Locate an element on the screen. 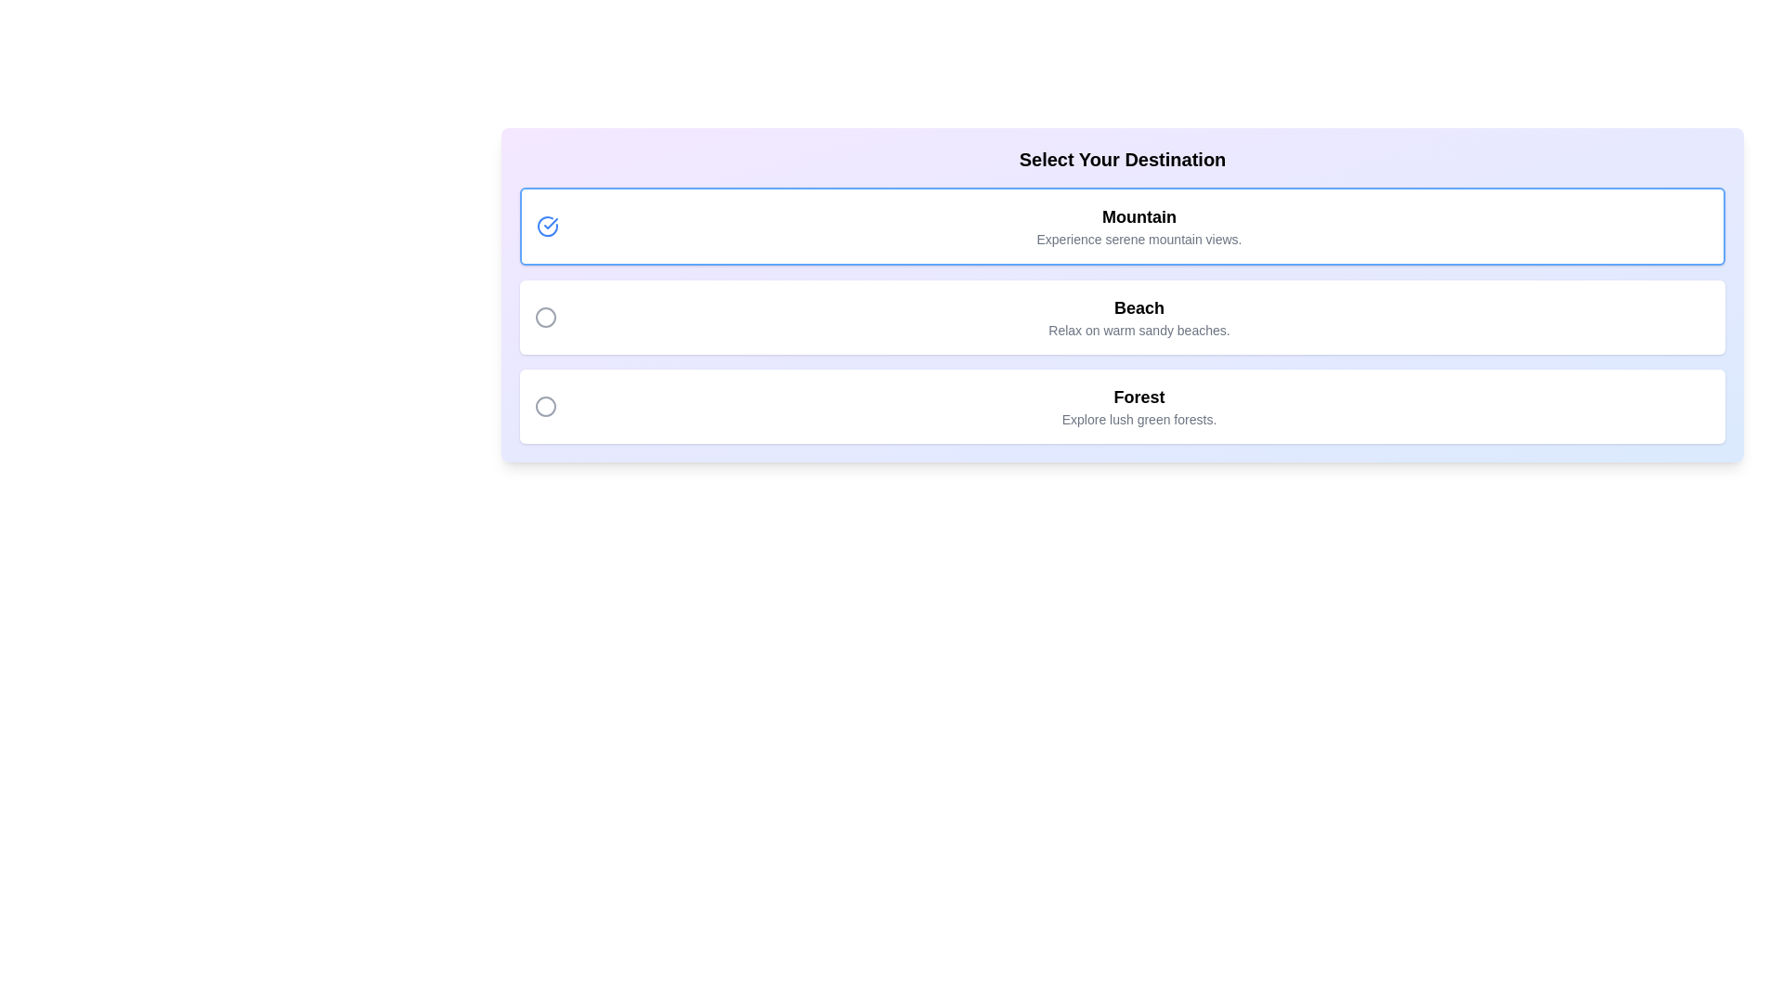  the Text Label displaying 'Explore lush green forests.' which is positioned below the bold title 'Forest' is located at coordinates (1139, 419).